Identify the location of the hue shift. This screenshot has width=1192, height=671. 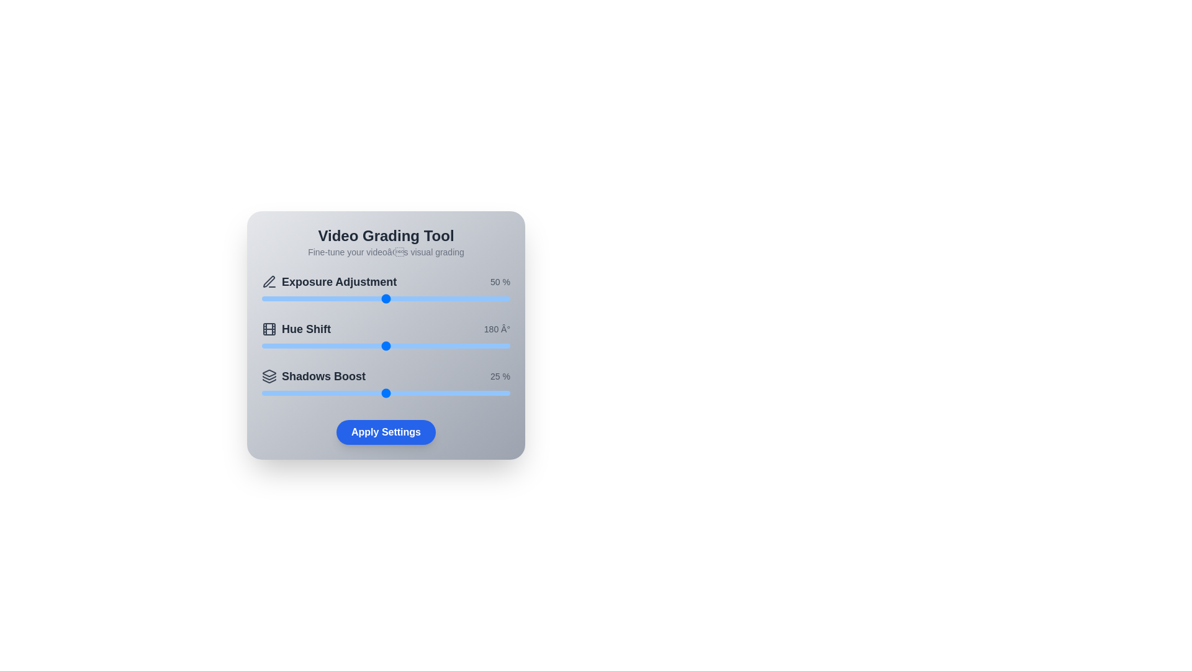
(439, 345).